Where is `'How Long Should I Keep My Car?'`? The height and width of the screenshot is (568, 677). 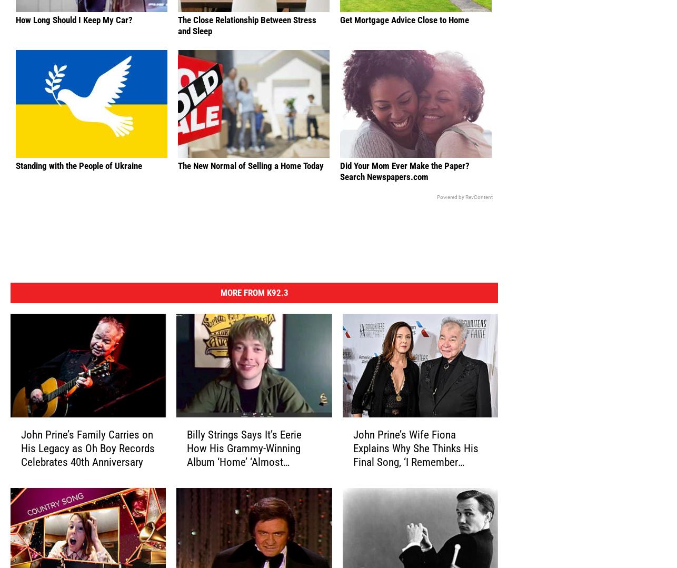 'How Long Should I Keep My Car?' is located at coordinates (74, 35).